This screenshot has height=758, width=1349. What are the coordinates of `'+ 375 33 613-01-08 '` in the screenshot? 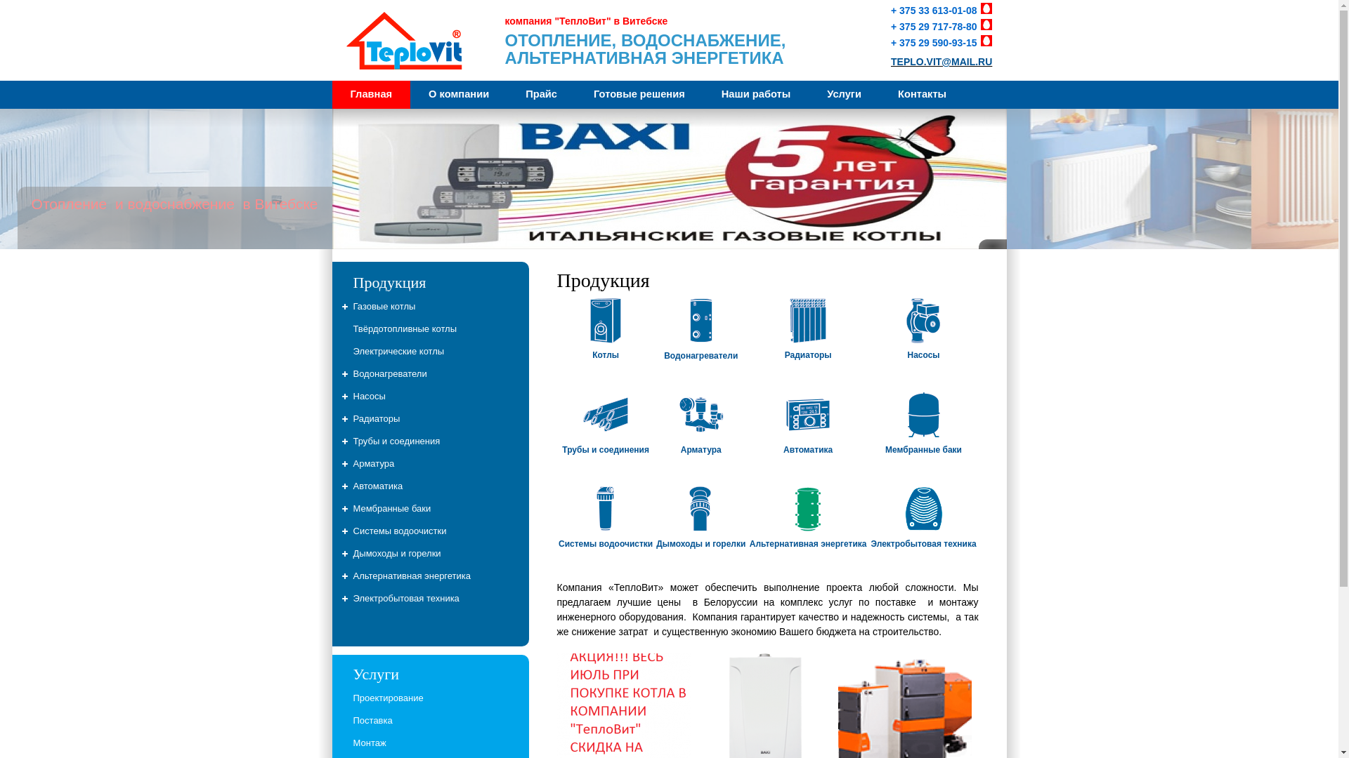 It's located at (941, 11).